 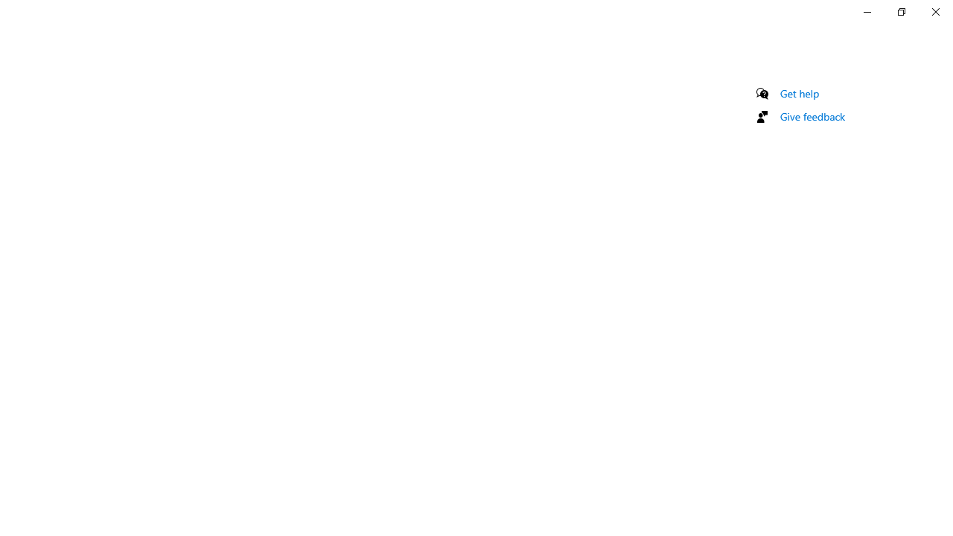 I want to click on 'Get help', so click(x=799, y=93).